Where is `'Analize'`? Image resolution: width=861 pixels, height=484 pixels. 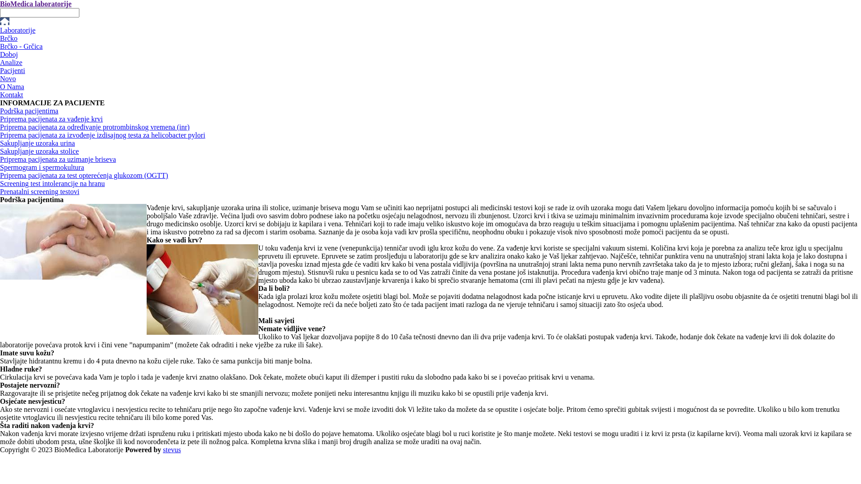
'Analize' is located at coordinates (0, 62).